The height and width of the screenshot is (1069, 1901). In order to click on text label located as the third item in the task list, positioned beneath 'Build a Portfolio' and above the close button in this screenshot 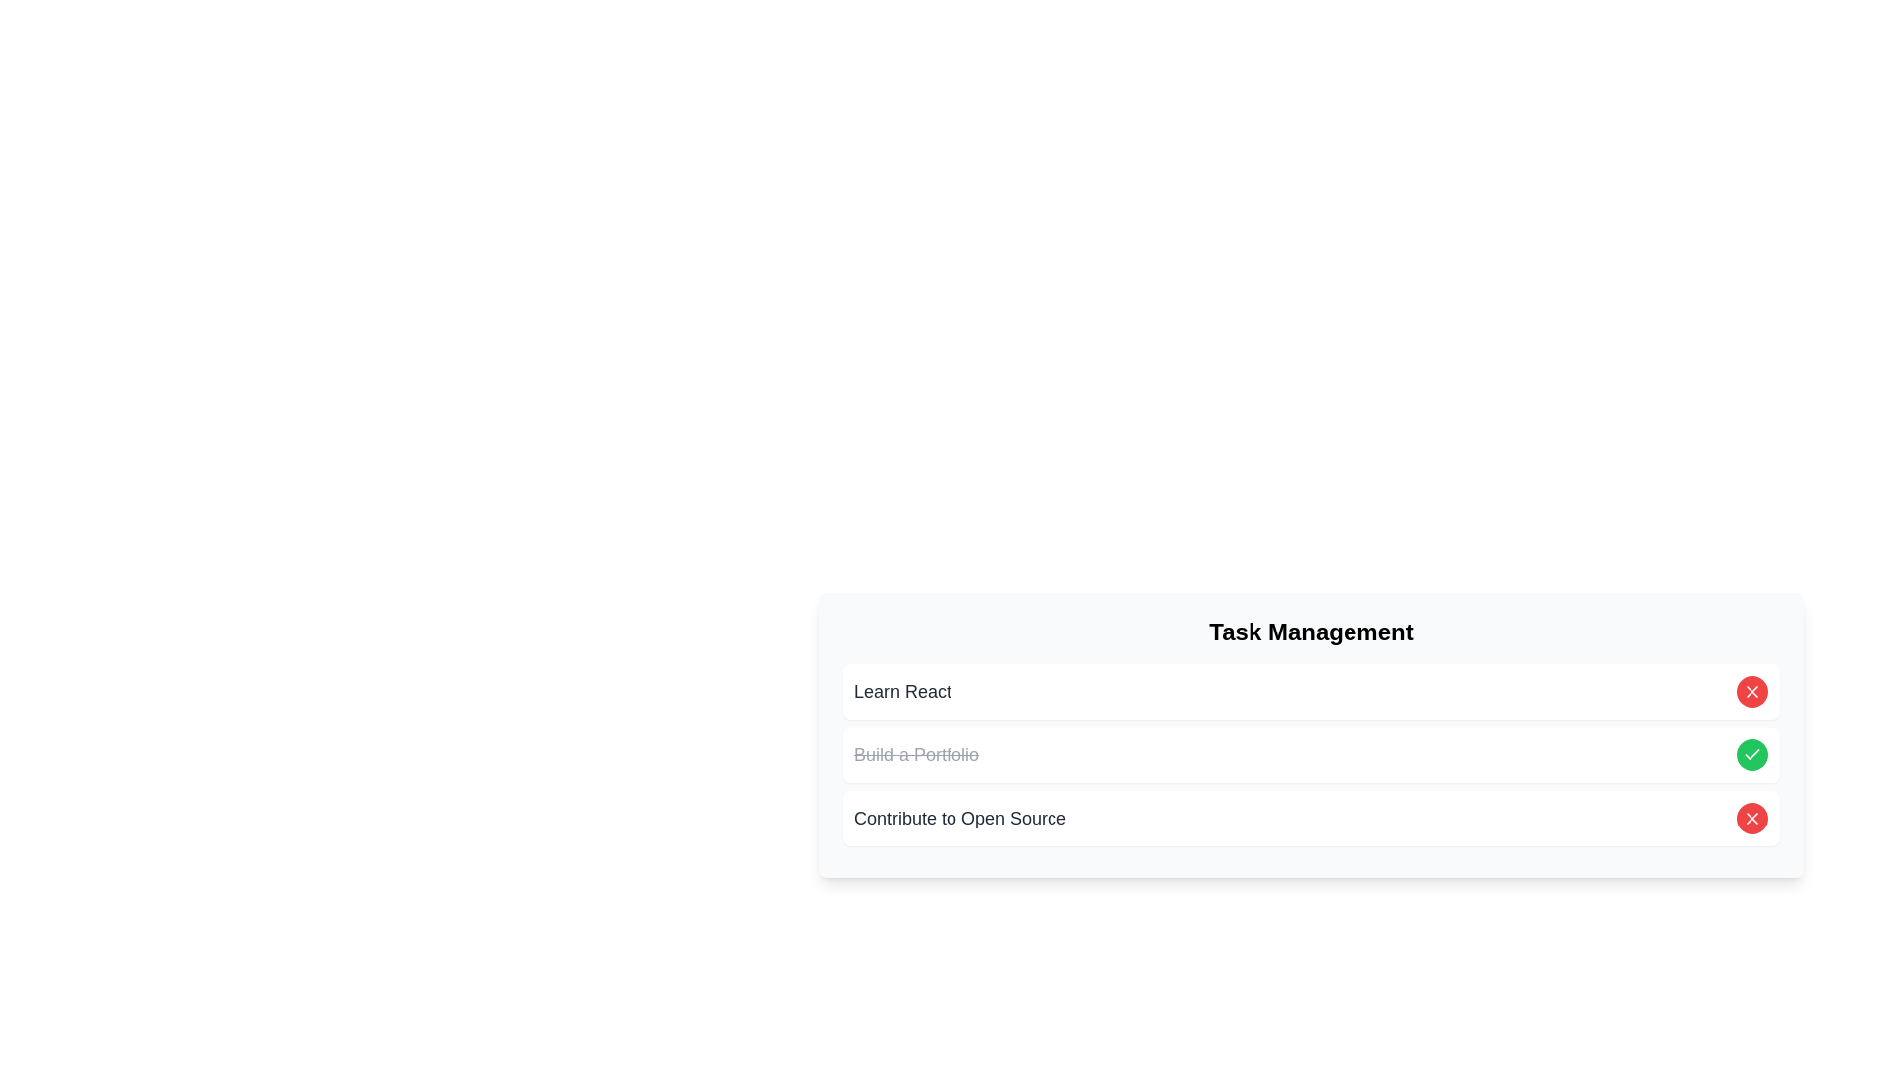, I will do `click(959, 818)`.